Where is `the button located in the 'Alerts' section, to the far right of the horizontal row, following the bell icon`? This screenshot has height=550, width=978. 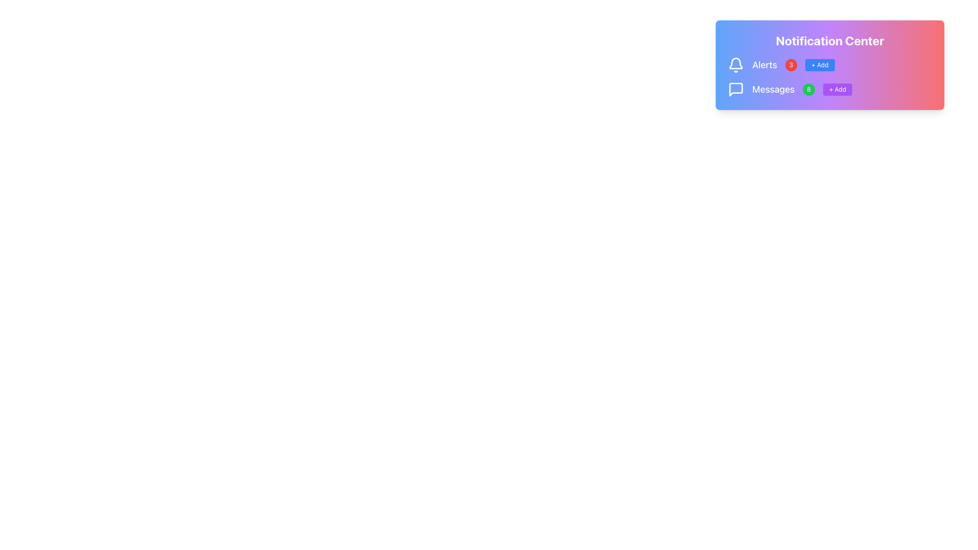
the button located in the 'Alerts' section, to the far right of the horizontal row, following the bell icon is located at coordinates (830, 65).